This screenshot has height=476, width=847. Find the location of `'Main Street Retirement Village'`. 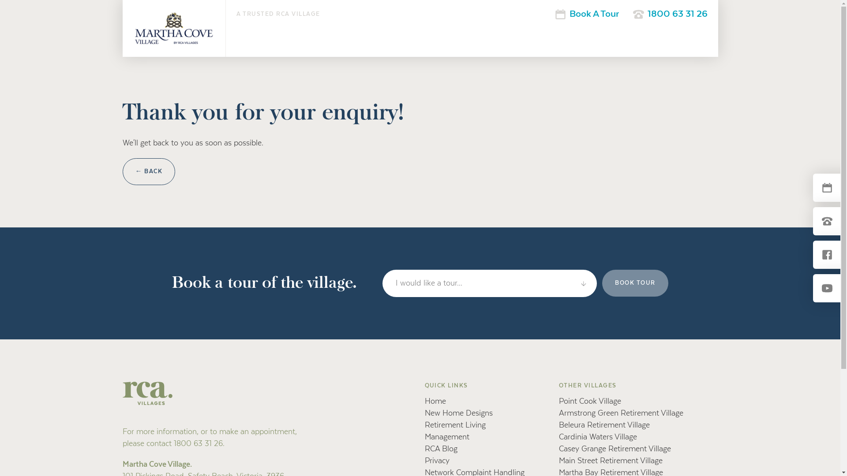

'Main Street Retirement Village' is located at coordinates (558, 460).